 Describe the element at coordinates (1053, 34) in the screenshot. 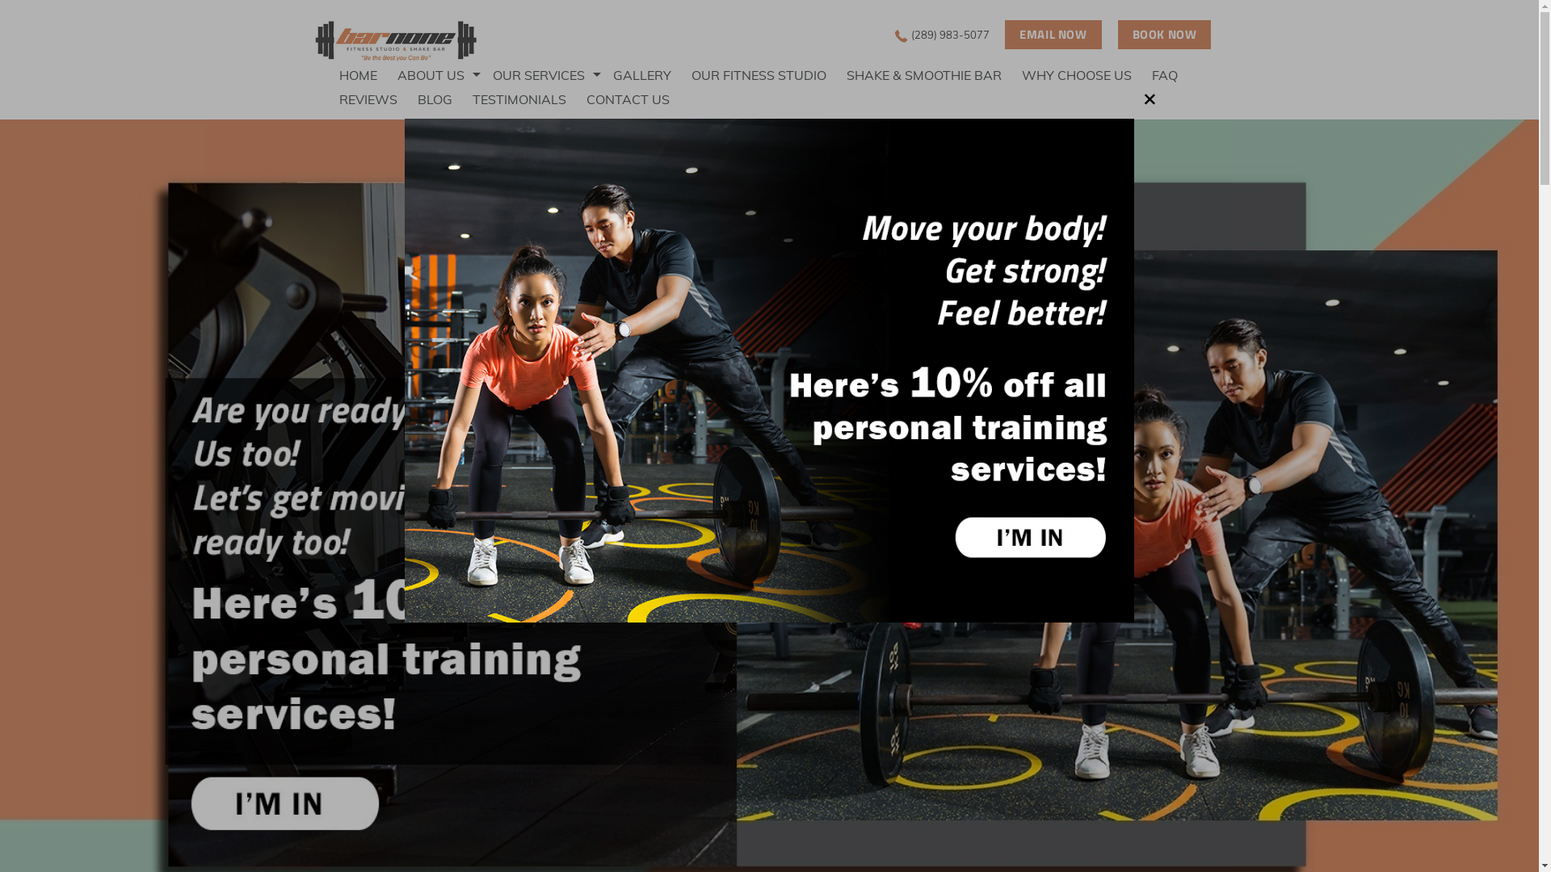

I see `'EMAIL NOW'` at that location.